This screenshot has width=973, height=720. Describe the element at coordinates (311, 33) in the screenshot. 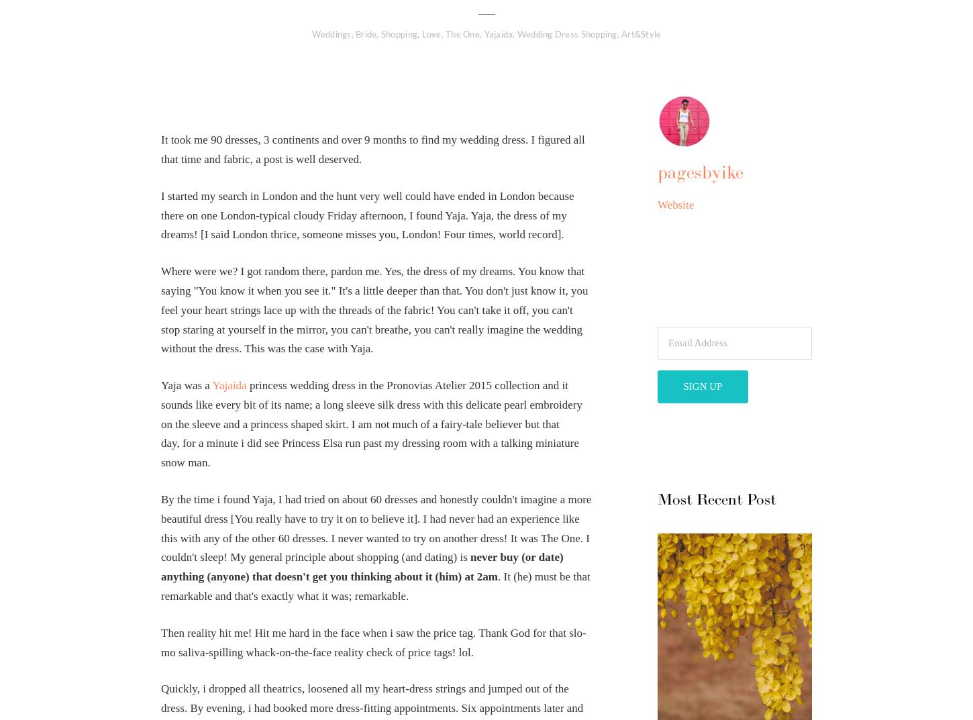

I see `'Weddings'` at that location.